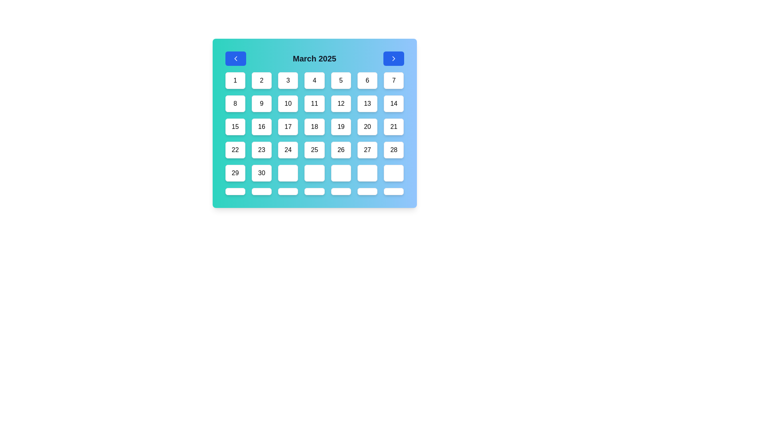 The height and width of the screenshot is (431, 766). What do you see at coordinates (235, 58) in the screenshot?
I see `the blue rounded rectangular button with a left-pointing arrow icon located to the left of the text 'March 2025'` at bounding box center [235, 58].